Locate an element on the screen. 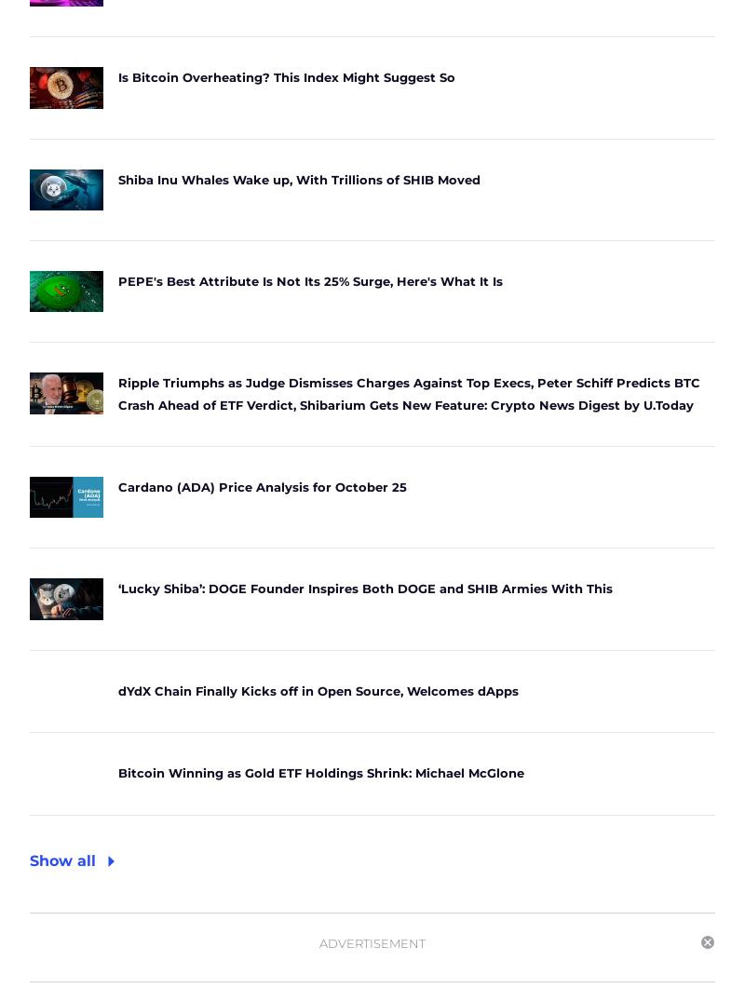  'Cardano (ADA) Price Analysis for October 25' is located at coordinates (117, 487).